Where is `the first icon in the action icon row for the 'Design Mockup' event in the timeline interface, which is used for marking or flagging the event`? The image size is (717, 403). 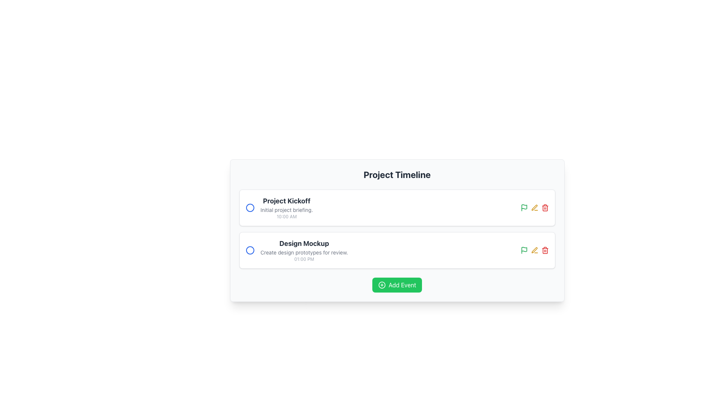
the first icon in the action icon row for the 'Design Mockup' event in the timeline interface, which is used for marking or flagging the event is located at coordinates (524, 207).